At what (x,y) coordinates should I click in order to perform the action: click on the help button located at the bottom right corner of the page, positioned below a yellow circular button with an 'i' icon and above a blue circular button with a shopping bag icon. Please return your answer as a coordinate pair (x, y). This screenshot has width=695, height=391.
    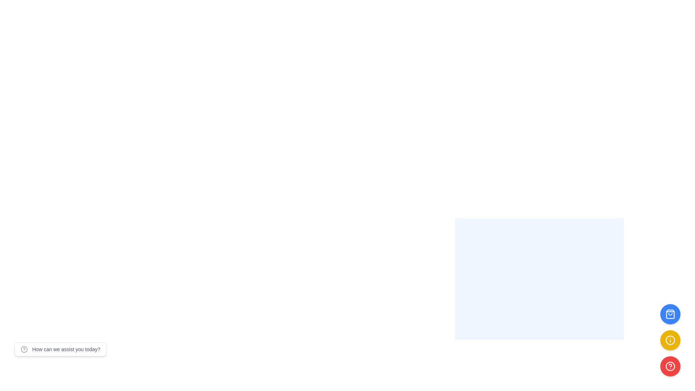
    Looking at the image, I should click on (670, 366).